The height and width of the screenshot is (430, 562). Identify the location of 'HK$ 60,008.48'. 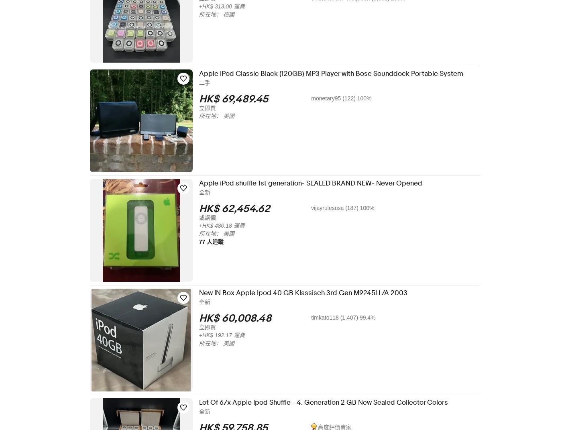
(240, 318).